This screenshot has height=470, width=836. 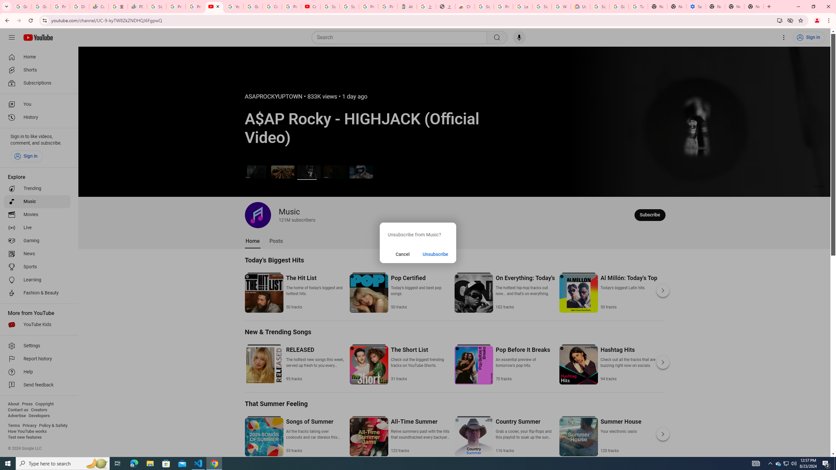 What do you see at coordinates (24, 437) in the screenshot?
I see `'Test new features'` at bounding box center [24, 437].